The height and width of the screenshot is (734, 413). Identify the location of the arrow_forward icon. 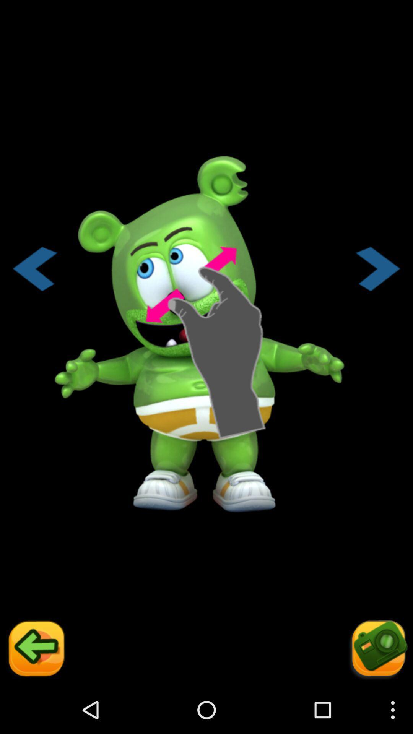
(378, 287).